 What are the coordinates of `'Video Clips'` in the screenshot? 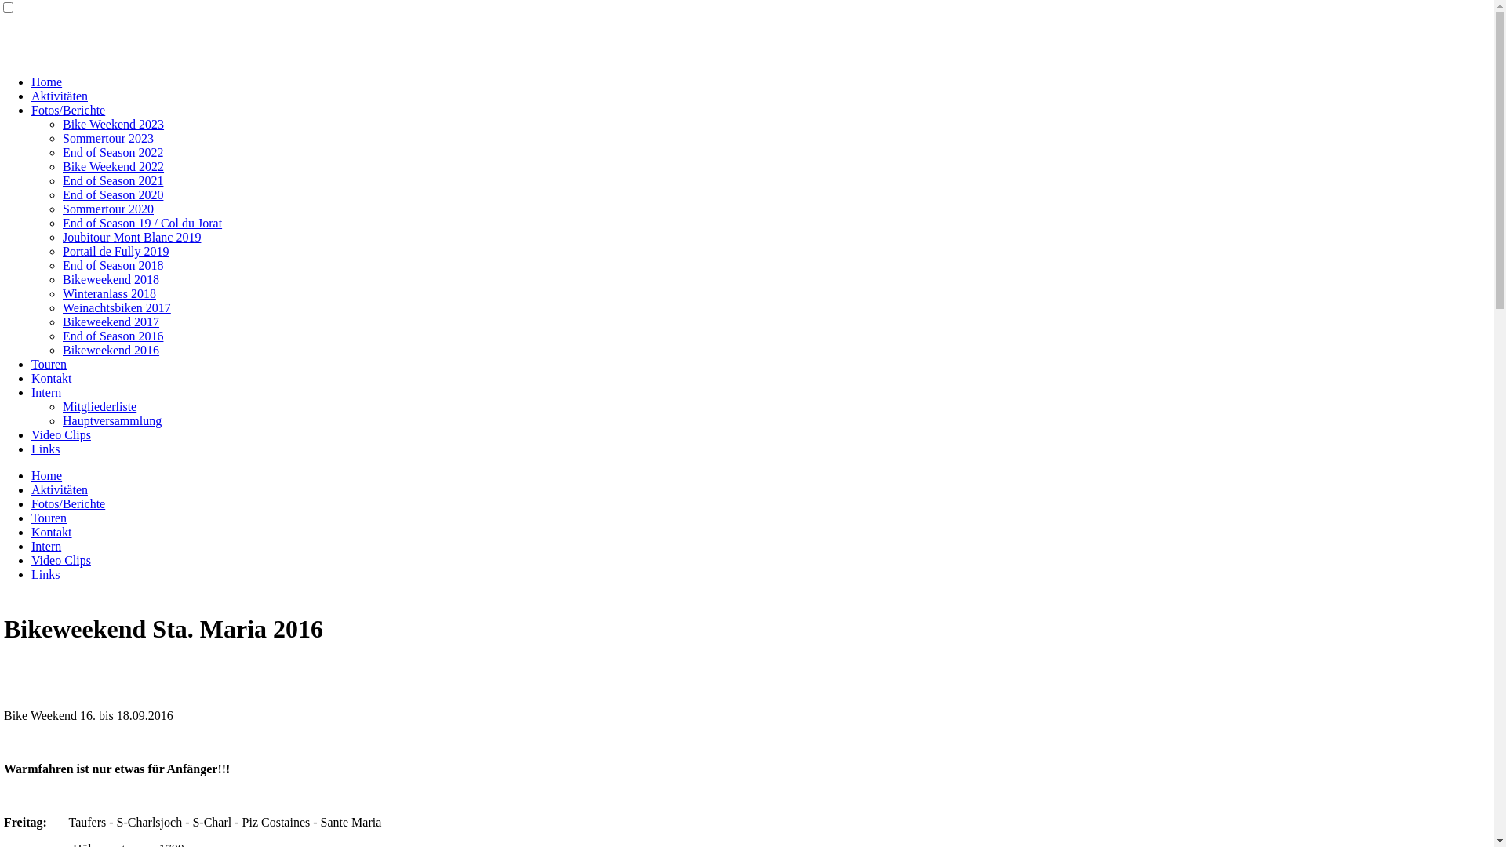 It's located at (31, 559).